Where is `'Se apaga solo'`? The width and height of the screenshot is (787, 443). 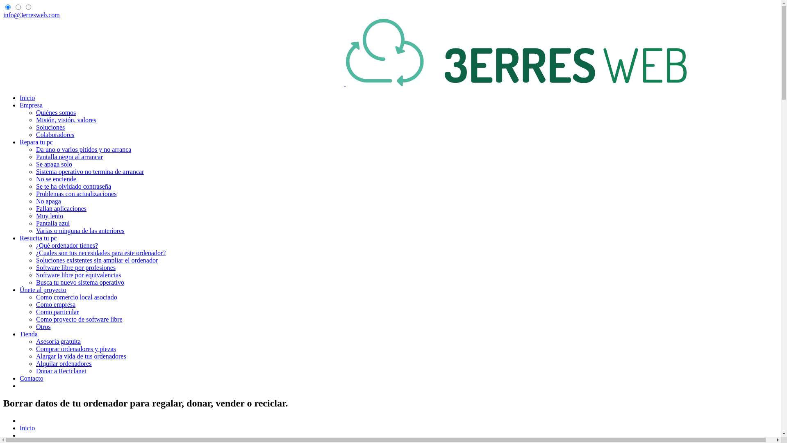
'Se apaga solo' is located at coordinates (53, 164).